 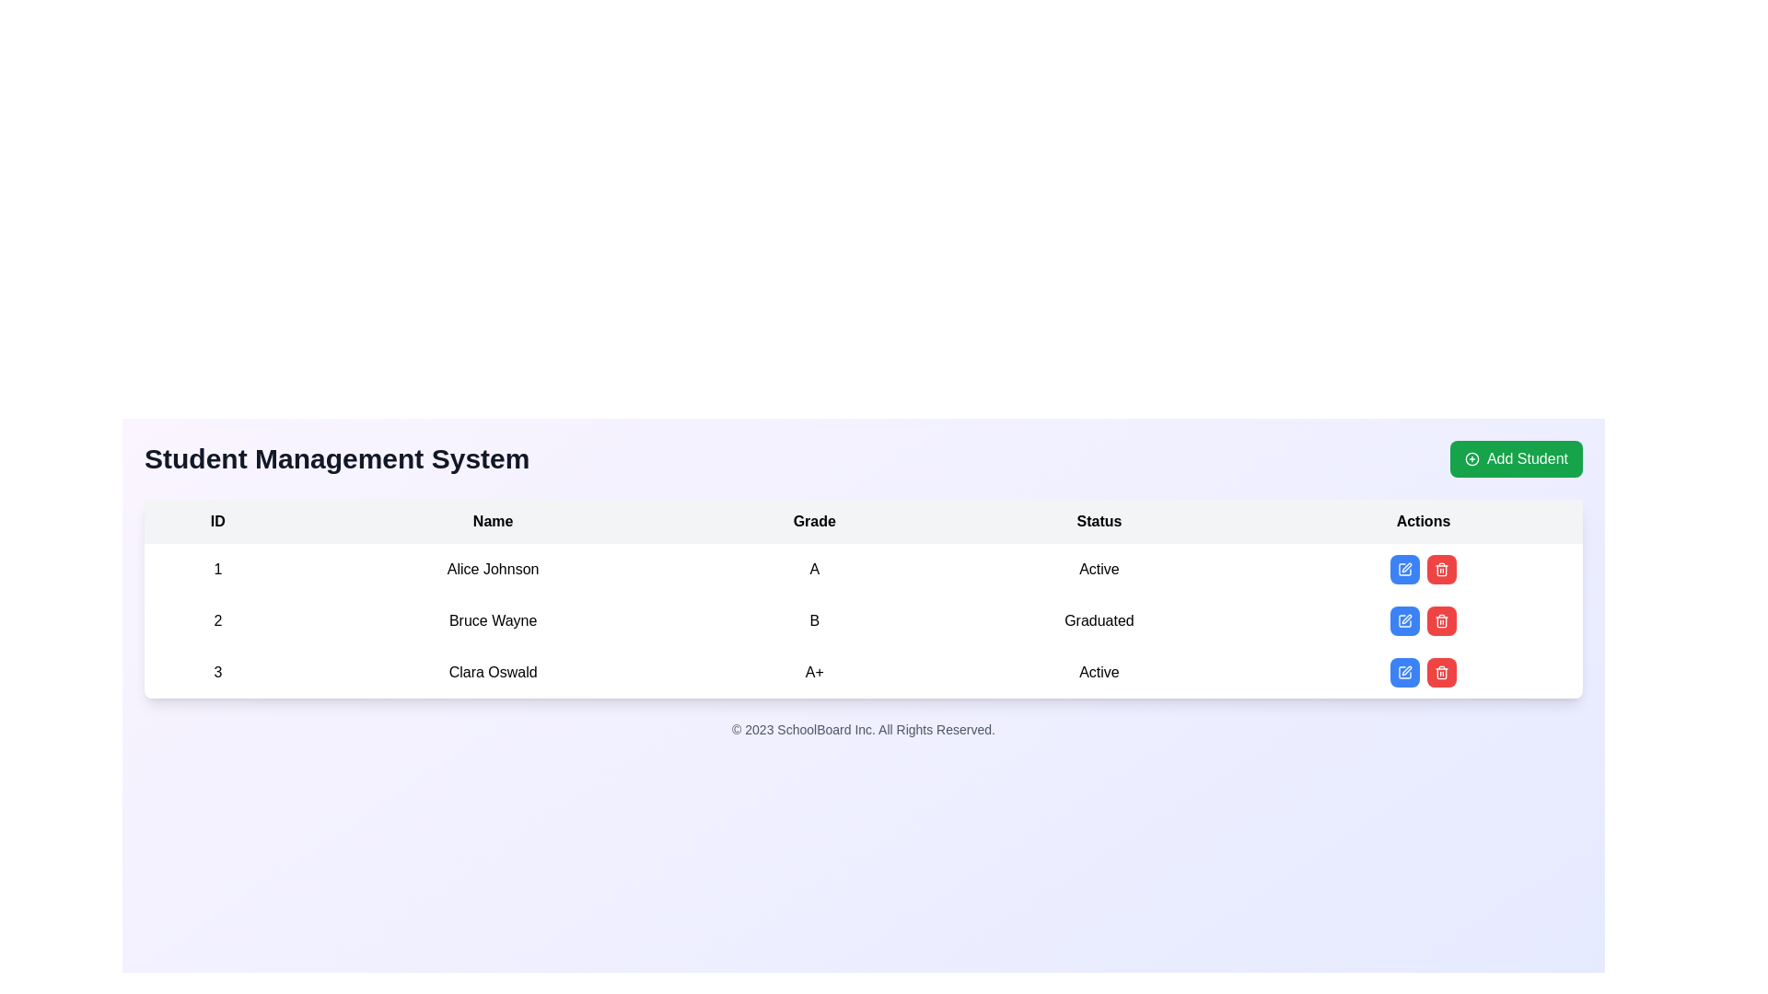 What do you see at coordinates (862, 621) in the screenshot?
I see `individual content within the second row of the student management system table, which contains the ID '2', the name 'Bruce Wayne', the grade 'B', the status 'Graduated', and action buttons` at bounding box center [862, 621].